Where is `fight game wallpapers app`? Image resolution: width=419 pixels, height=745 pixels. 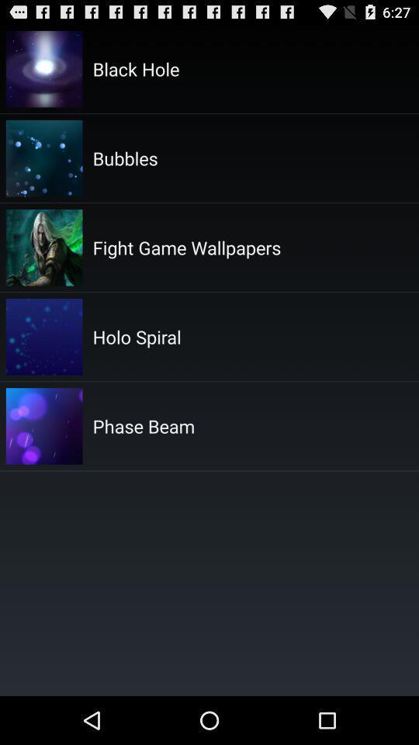 fight game wallpapers app is located at coordinates (186, 247).